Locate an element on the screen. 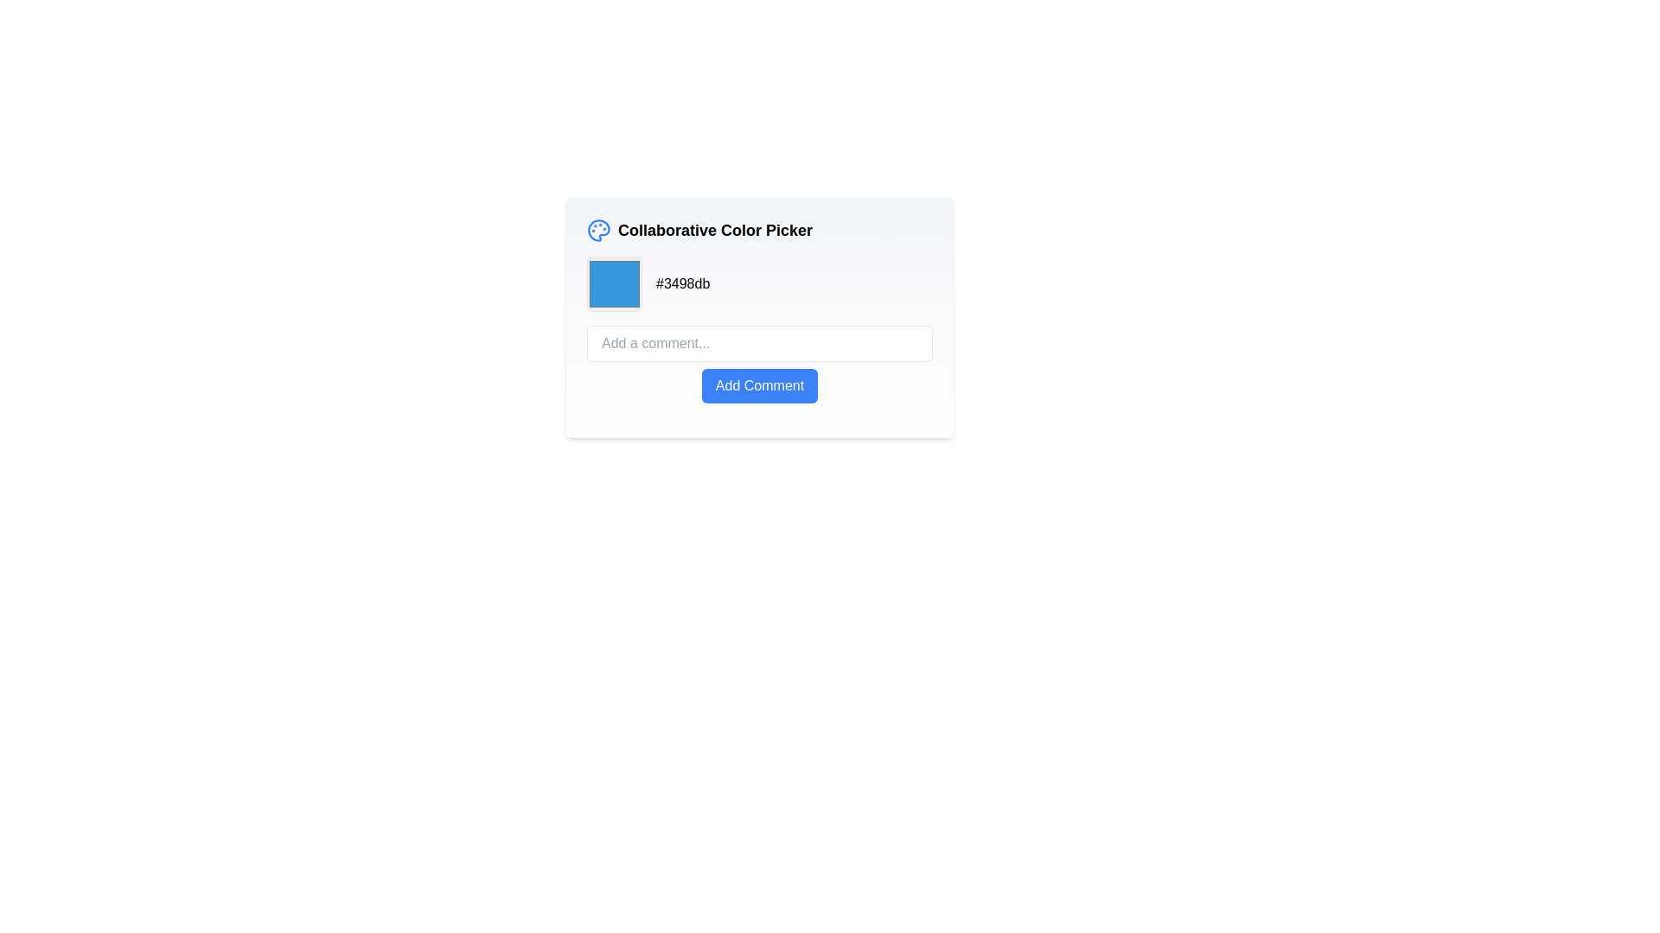 The height and width of the screenshot is (933, 1660). the central segment of the doodle-style palette shape in the SVG graphic located towards the top-left corner of the interface is located at coordinates (598, 229).